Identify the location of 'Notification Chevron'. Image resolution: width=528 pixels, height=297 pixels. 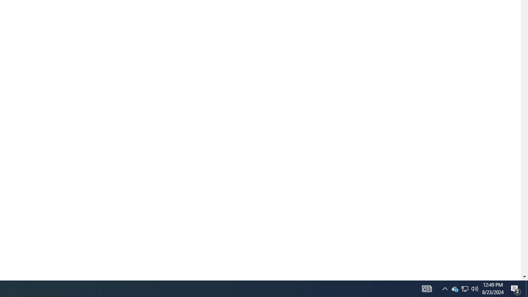
(445, 288).